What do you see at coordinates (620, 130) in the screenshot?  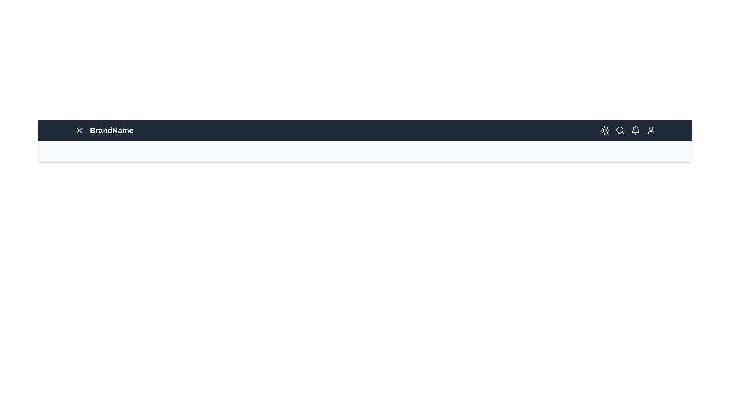 I see `the Search icon in the navigation bar` at bounding box center [620, 130].